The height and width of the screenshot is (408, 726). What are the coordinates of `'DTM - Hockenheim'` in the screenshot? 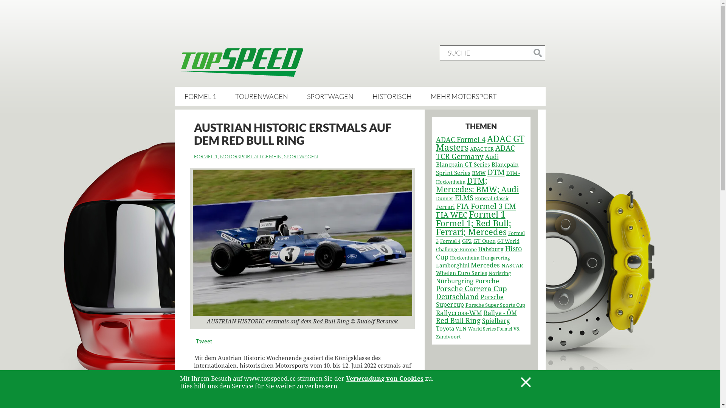 It's located at (477, 178).